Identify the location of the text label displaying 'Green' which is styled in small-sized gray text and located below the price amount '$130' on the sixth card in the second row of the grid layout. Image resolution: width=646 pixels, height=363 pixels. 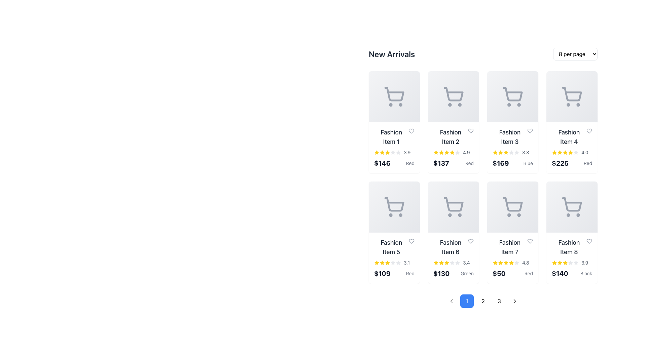
(467, 273).